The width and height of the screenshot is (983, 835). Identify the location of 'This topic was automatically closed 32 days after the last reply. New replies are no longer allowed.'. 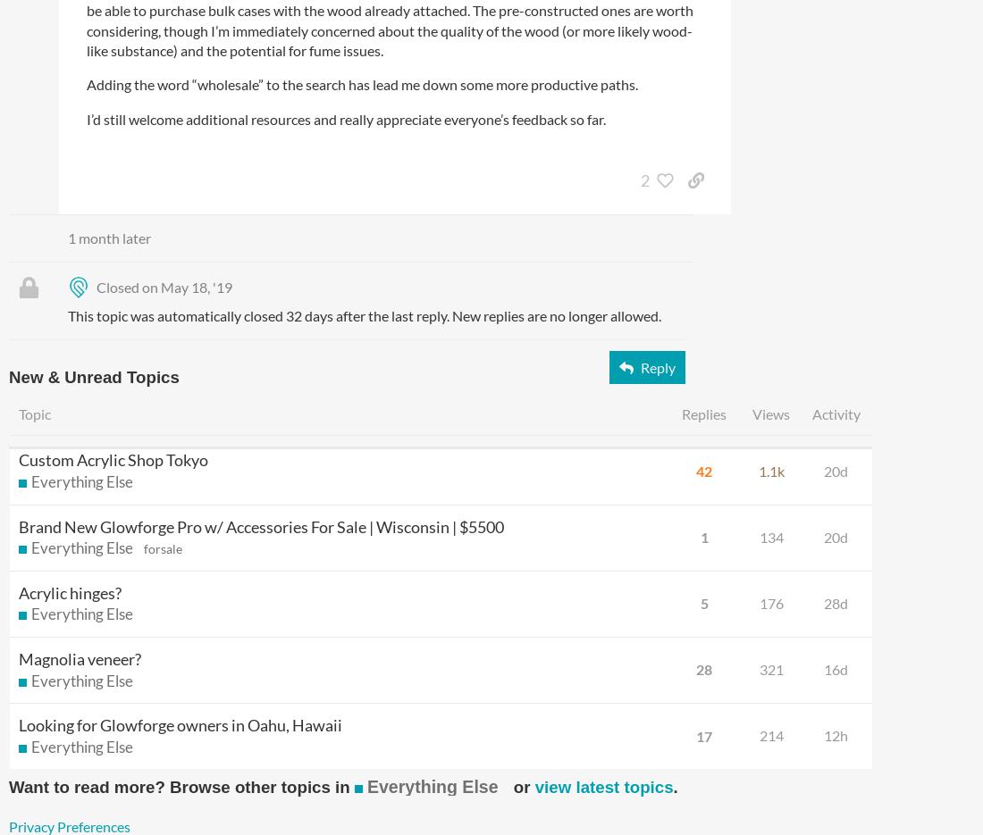
(364, 314).